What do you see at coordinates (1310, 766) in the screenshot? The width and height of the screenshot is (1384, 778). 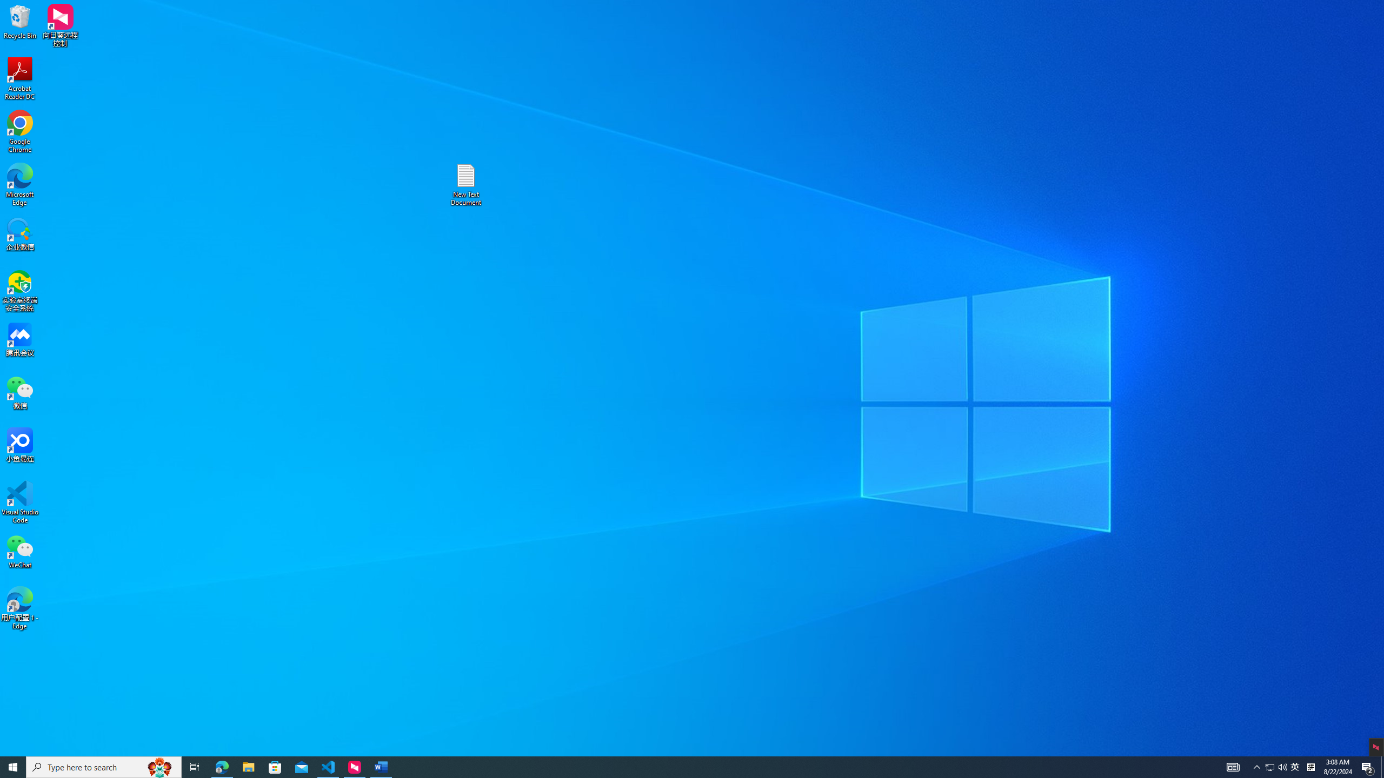 I see `'Tray Input Indicator - Chinese (Simplified, China)'` at bounding box center [1310, 766].